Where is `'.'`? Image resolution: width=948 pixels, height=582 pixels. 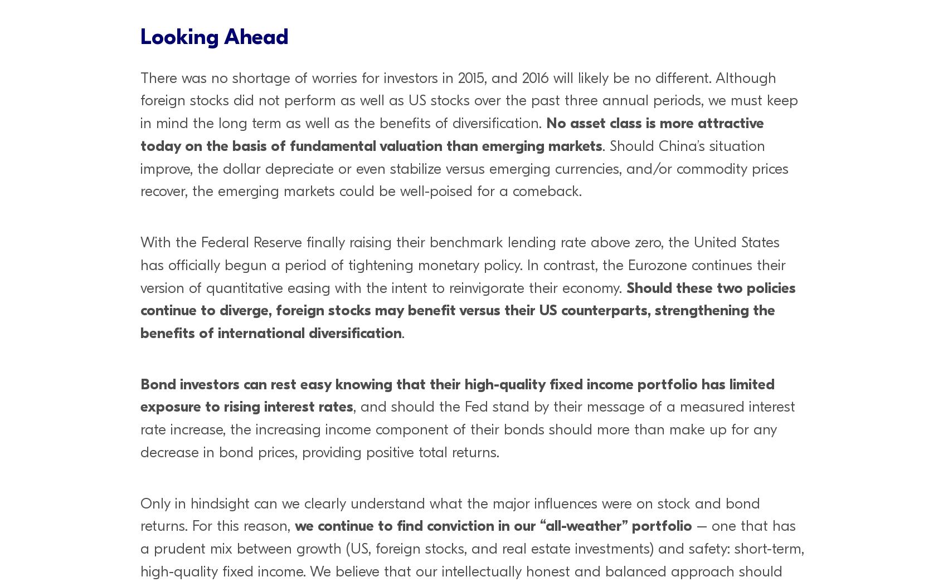 '.' is located at coordinates (402, 332).